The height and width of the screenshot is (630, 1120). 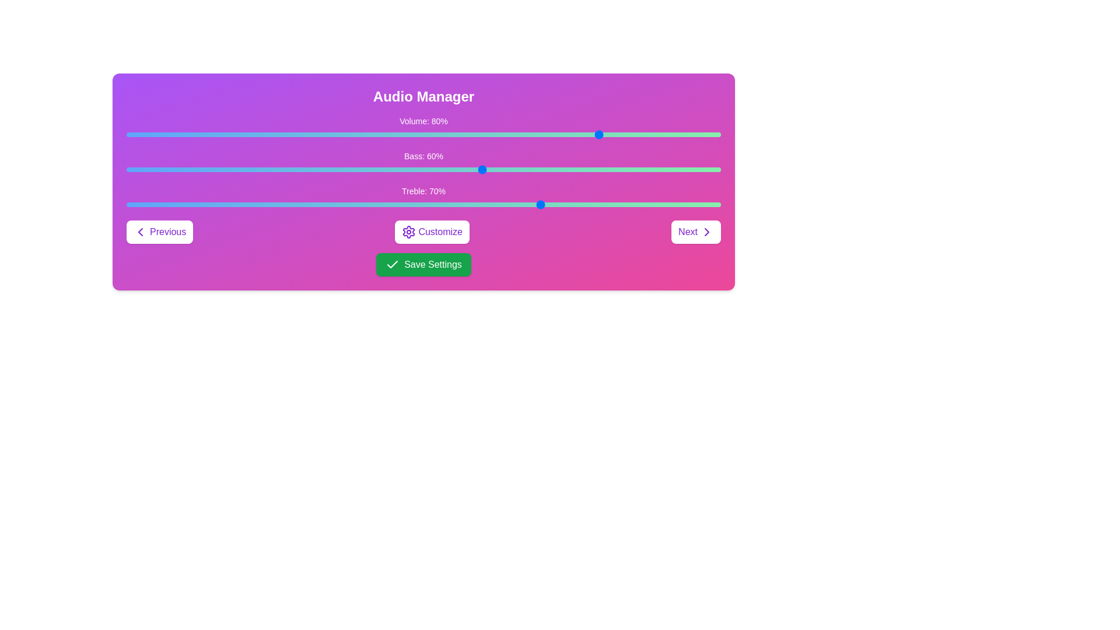 I want to click on bass level, so click(x=382, y=169).